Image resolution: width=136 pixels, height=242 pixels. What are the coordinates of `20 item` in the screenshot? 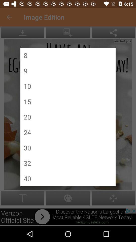 It's located at (27, 117).